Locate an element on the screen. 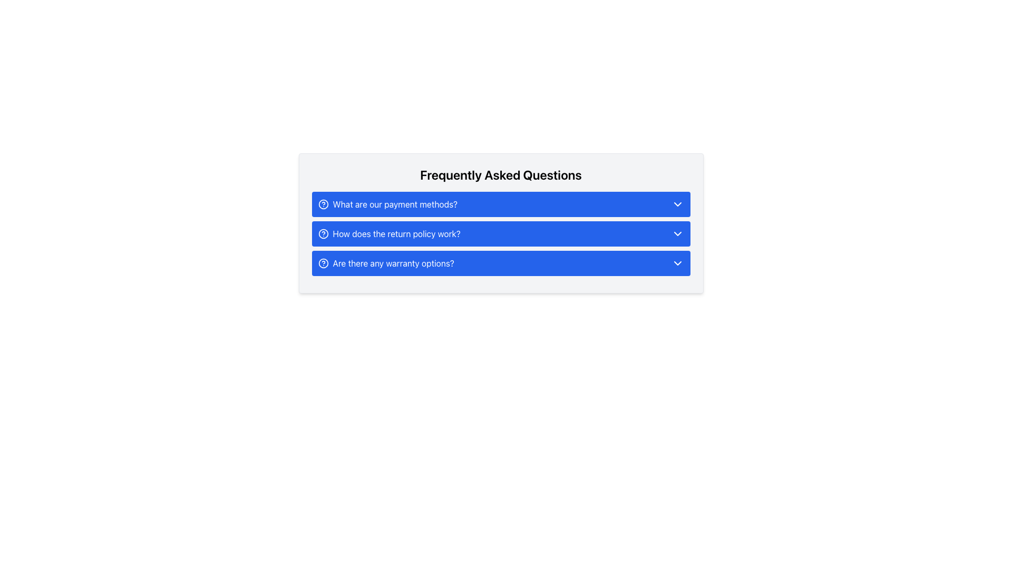 This screenshot has height=569, width=1012. the circular icon with a question mark symbol, which is located to the left of the text 'How does the return policy work?' is located at coordinates (323, 233).